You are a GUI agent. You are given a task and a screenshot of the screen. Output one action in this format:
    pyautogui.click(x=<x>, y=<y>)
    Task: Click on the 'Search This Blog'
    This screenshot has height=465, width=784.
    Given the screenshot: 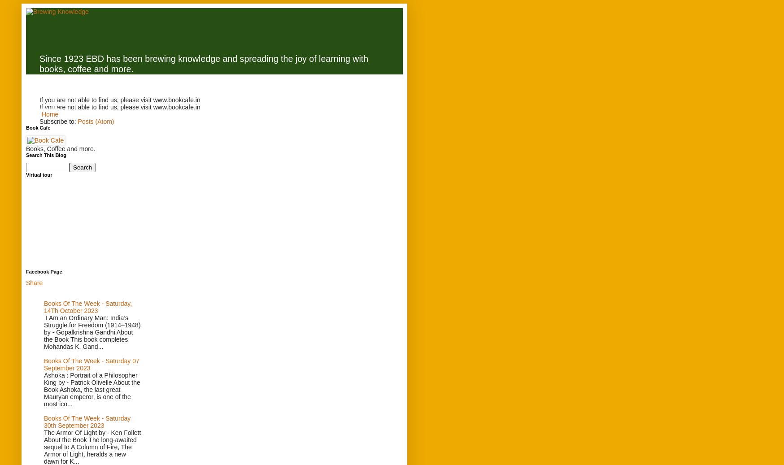 What is the action you would take?
    pyautogui.click(x=46, y=155)
    